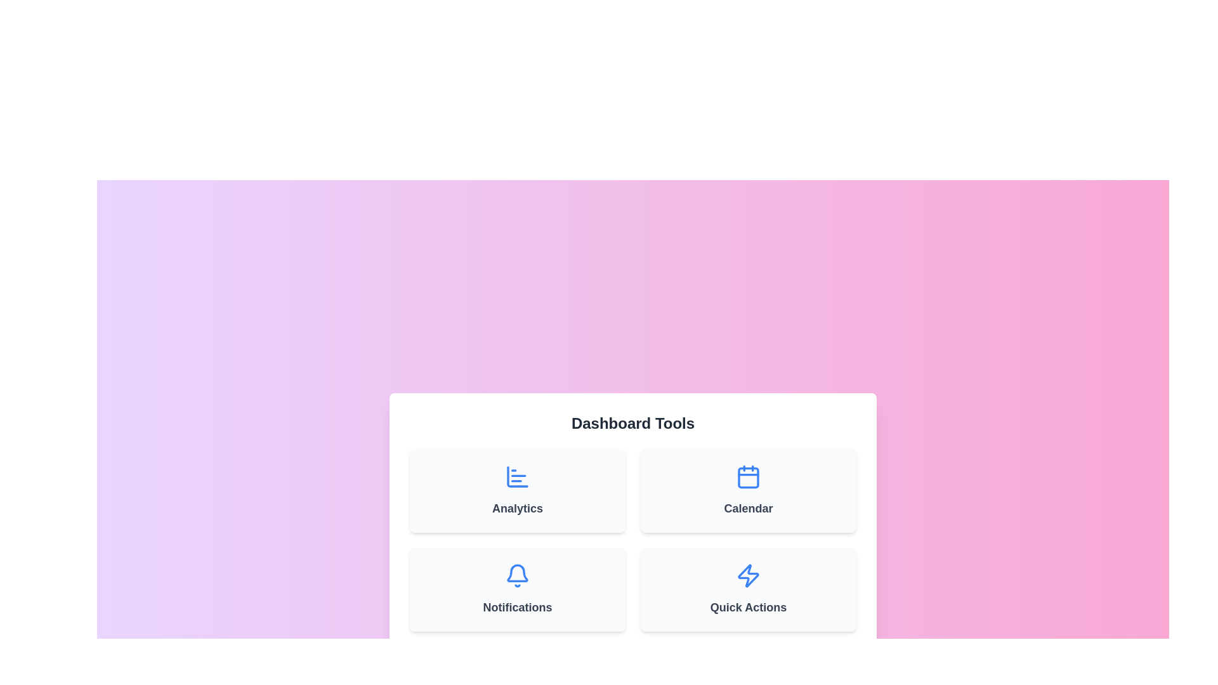 Image resolution: width=1218 pixels, height=685 pixels. What do you see at coordinates (749, 575) in the screenshot?
I see `the 'Quick Actions' icon located in the bottom-right corner of the 'Dashboard Tools' section, which serves as a visual representation of speed and immediacy` at bounding box center [749, 575].